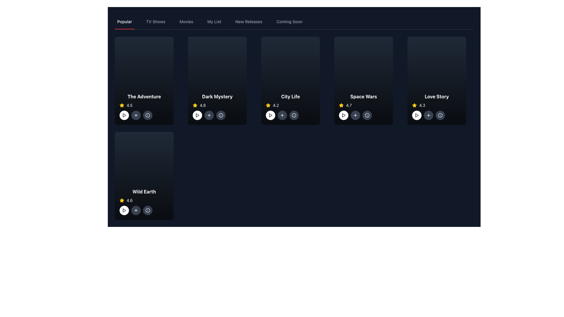 The width and height of the screenshot is (564, 317). Describe the element at coordinates (294, 115) in the screenshot. I see `the third button in the row of three interactive buttons below the 'City Life' card` at that location.